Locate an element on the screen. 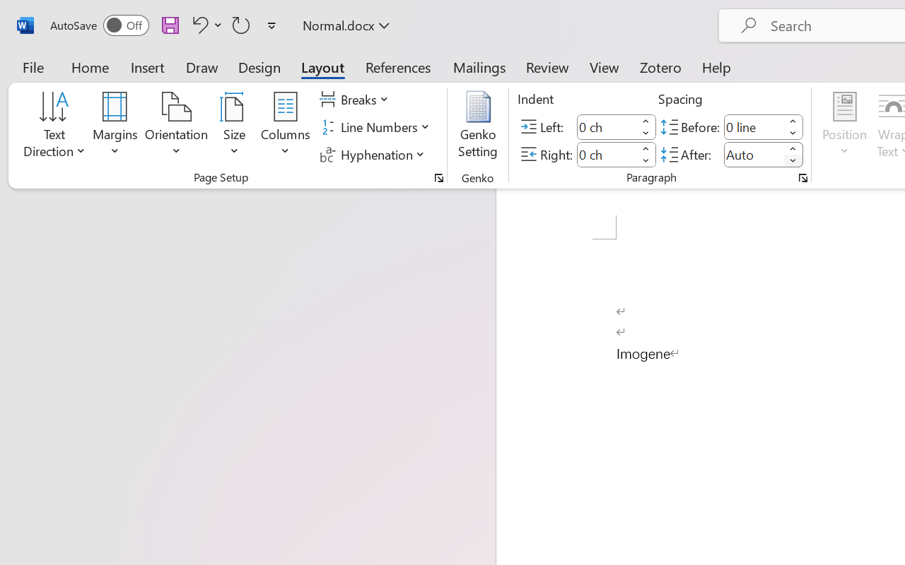  'Hyphenation' is located at coordinates (374, 154).